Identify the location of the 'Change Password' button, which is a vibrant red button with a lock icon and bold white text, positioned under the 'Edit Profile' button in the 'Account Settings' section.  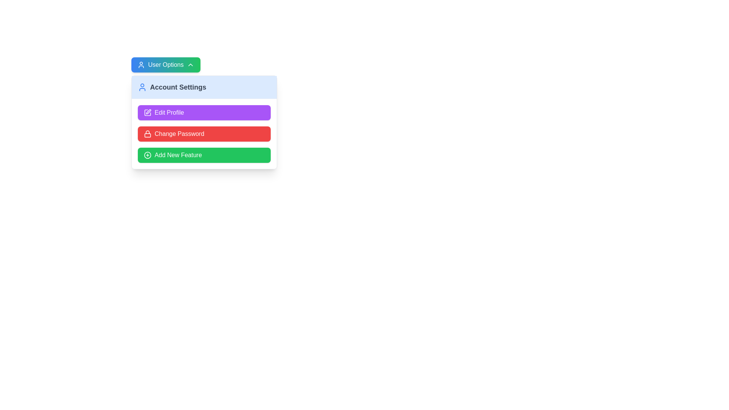
(204, 134).